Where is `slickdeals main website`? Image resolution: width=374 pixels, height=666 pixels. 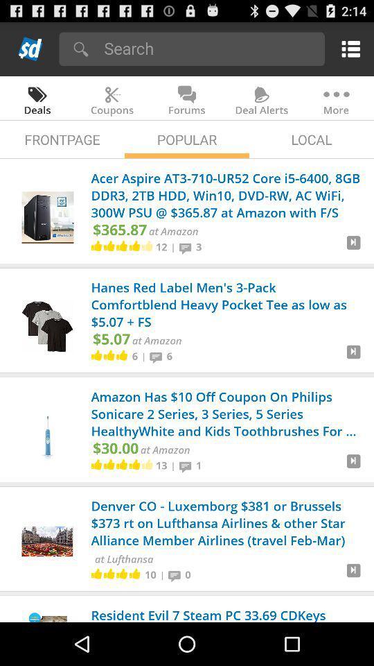 slickdeals main website is located at coordinates (30, 49).